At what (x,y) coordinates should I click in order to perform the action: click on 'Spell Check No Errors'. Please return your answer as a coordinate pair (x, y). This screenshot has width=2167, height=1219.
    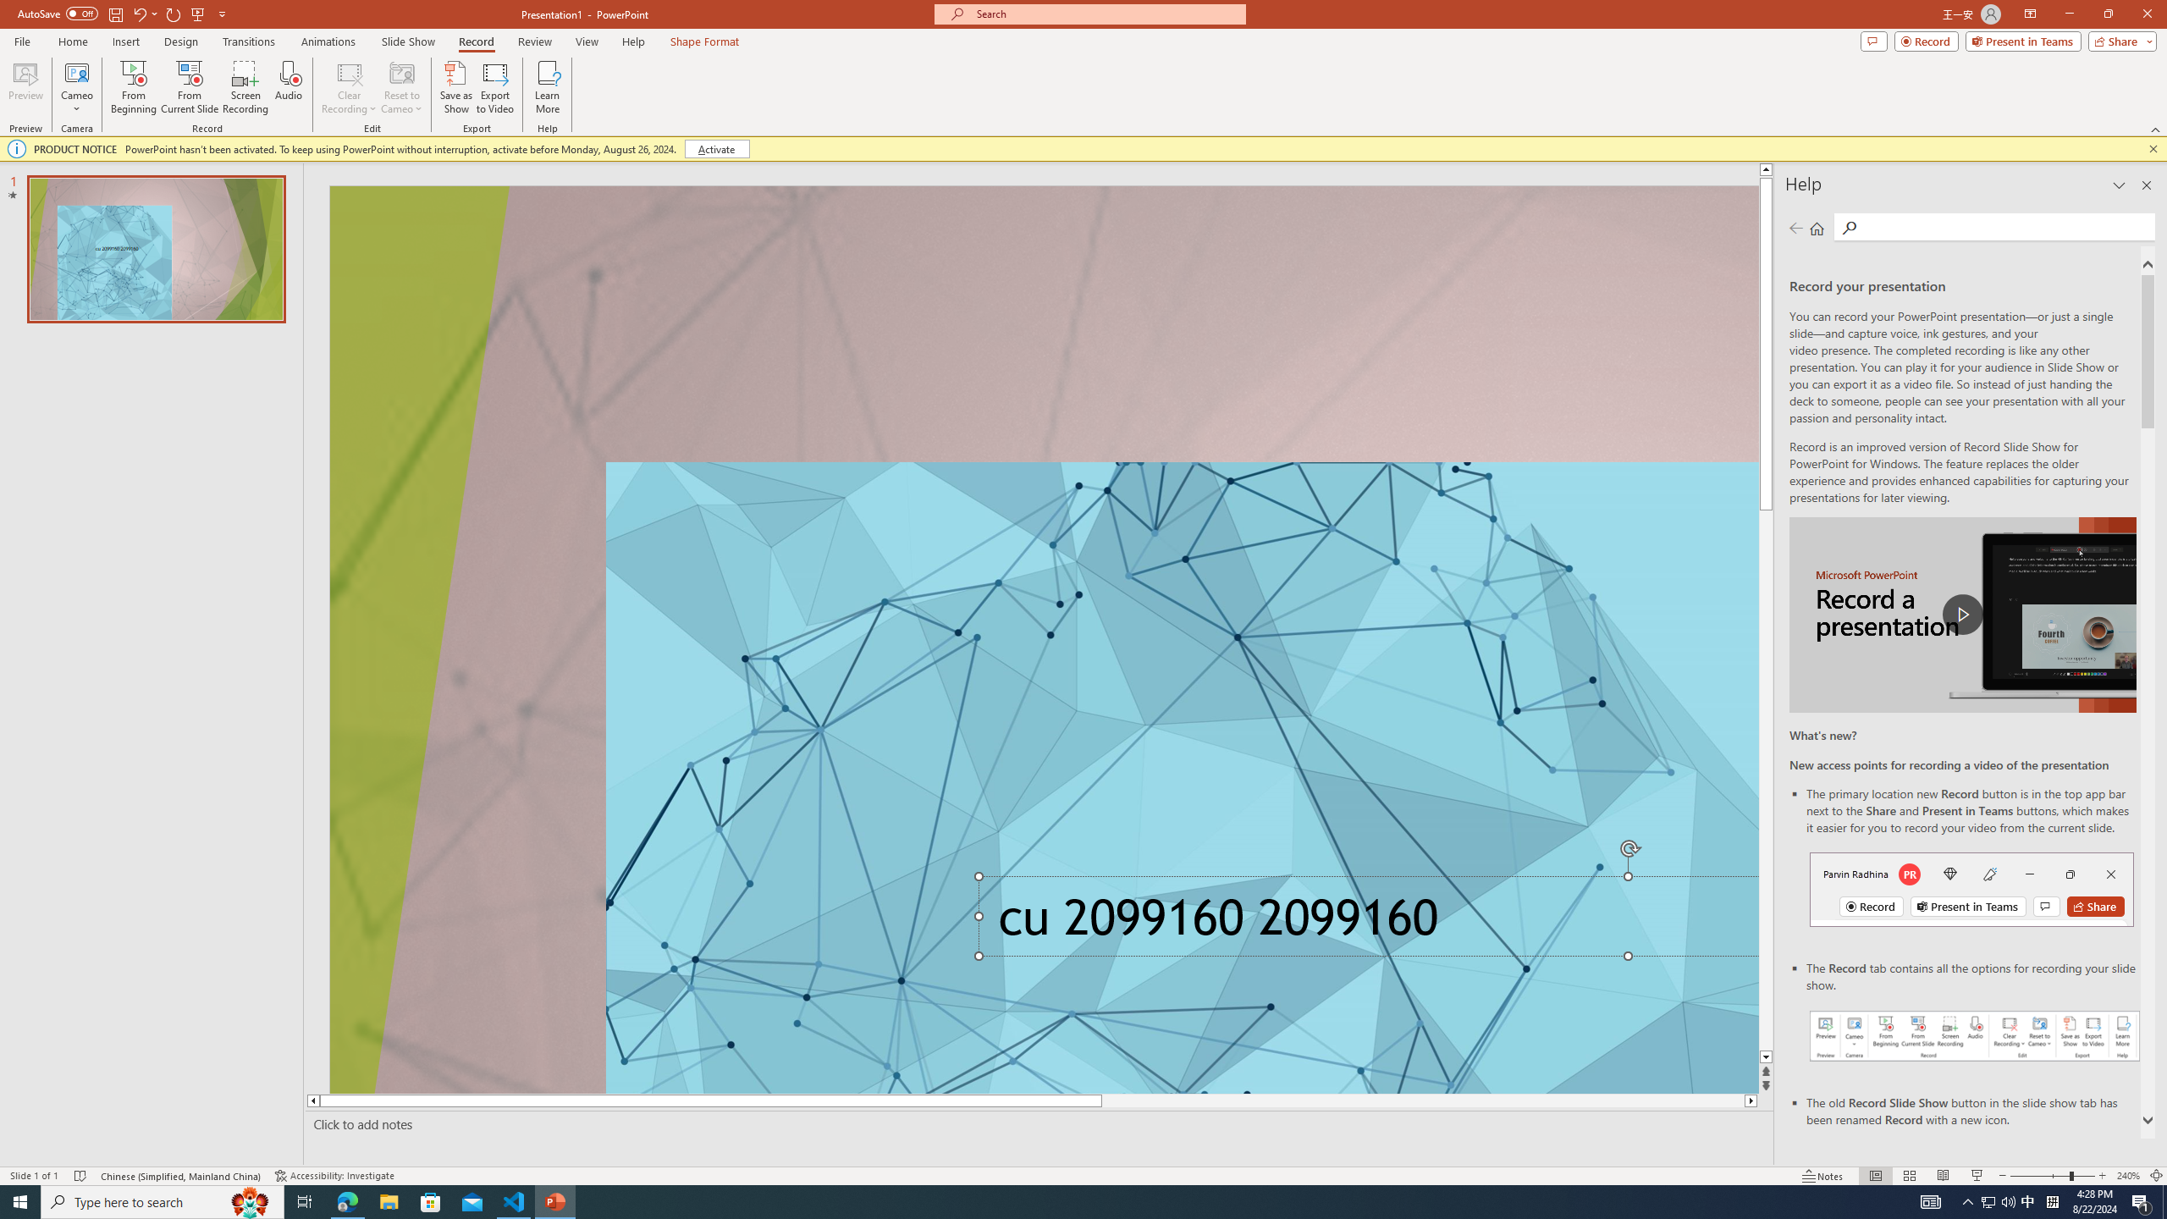
    Looking at the image, I should click on (80, 1176).